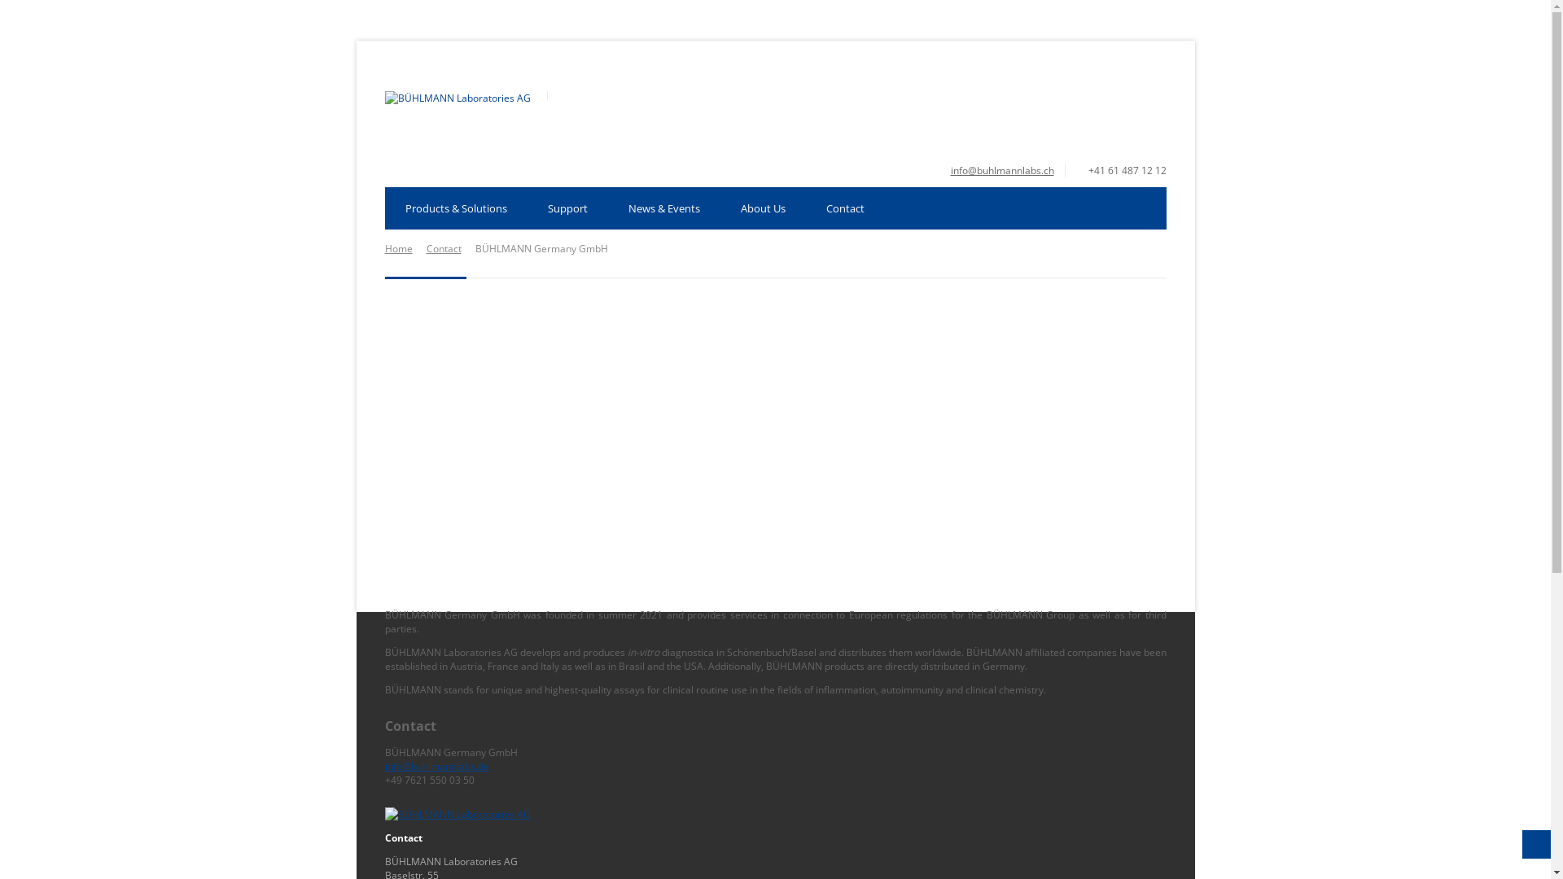 Image resolution: width=1563 pixels, height=879 pixels. I want to click on 'Products & Solutions', so click(455, 207).